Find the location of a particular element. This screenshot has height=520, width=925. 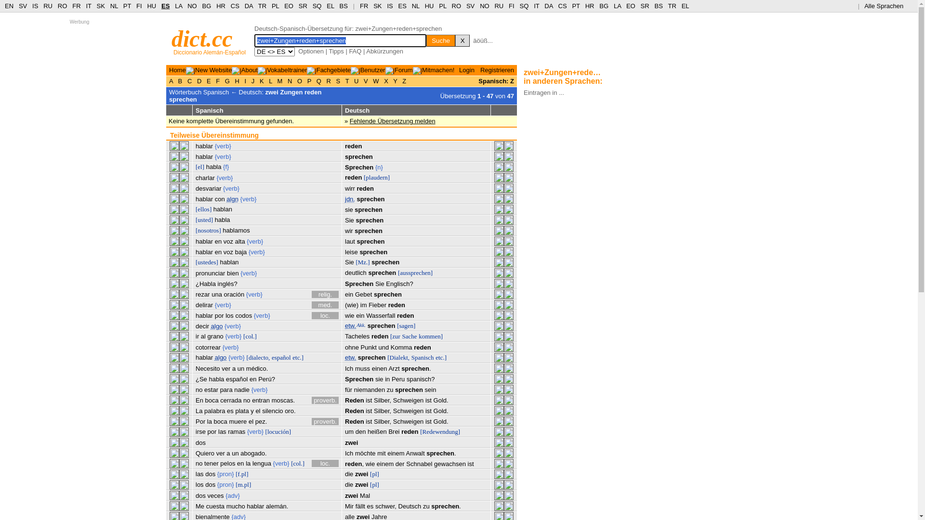

'zwei' is located at coordinates (361, 484).